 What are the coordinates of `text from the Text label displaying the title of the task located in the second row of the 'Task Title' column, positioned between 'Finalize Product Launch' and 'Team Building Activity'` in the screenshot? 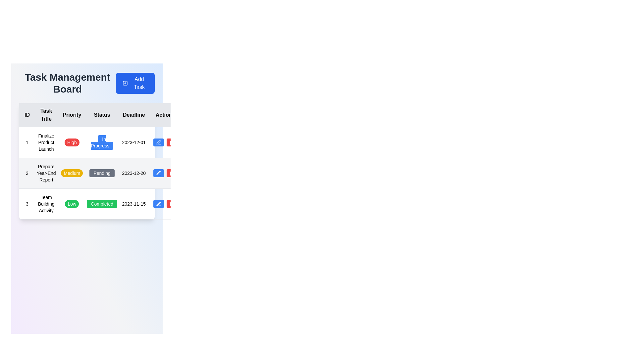 It's located at (46, 173).